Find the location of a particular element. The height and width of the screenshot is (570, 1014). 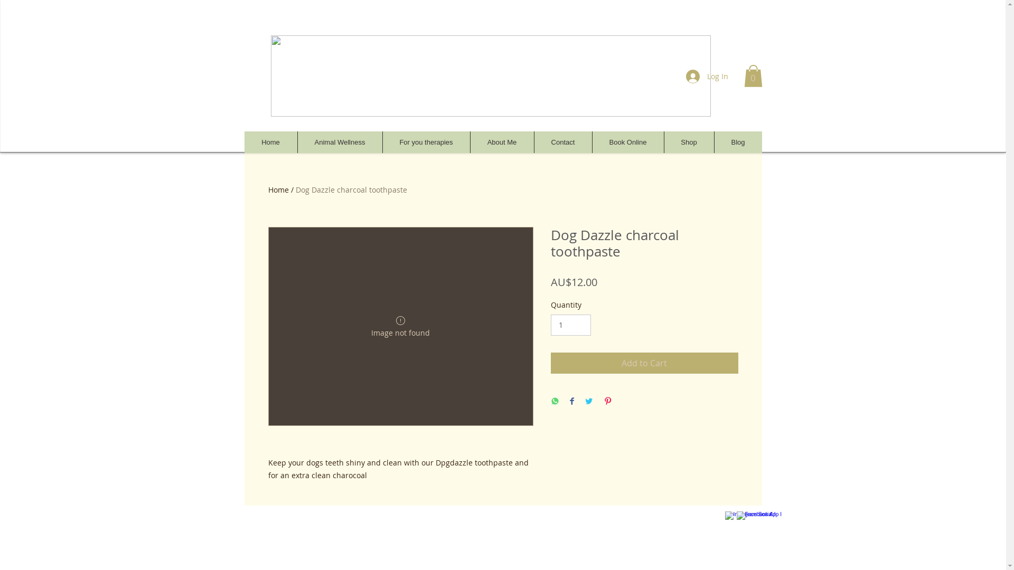

'0' is located at coordinates (752, 75).